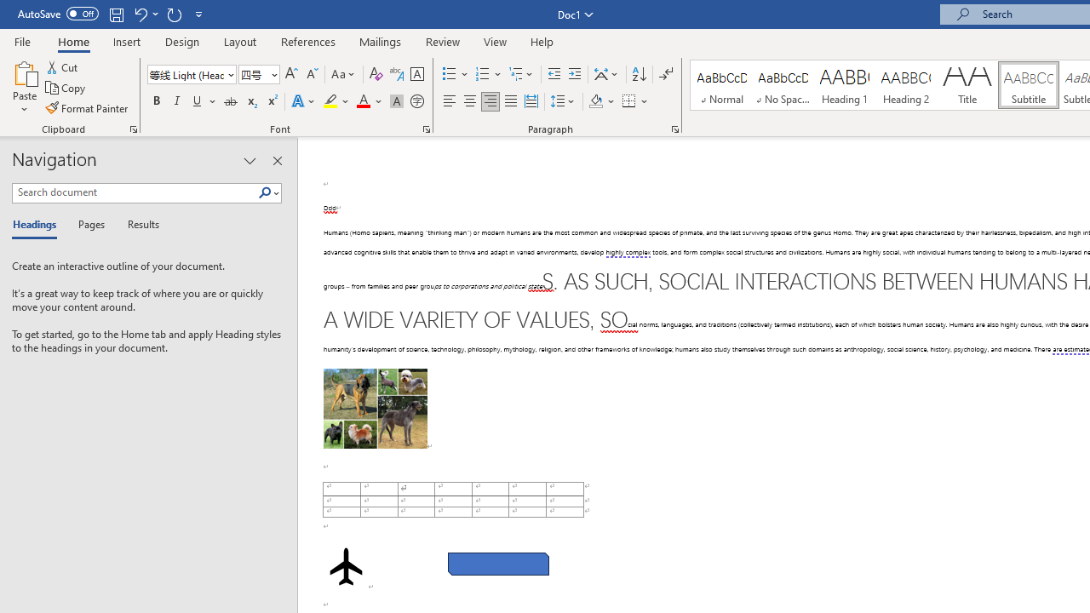  I want to click on 'Help', so click(542, 41).